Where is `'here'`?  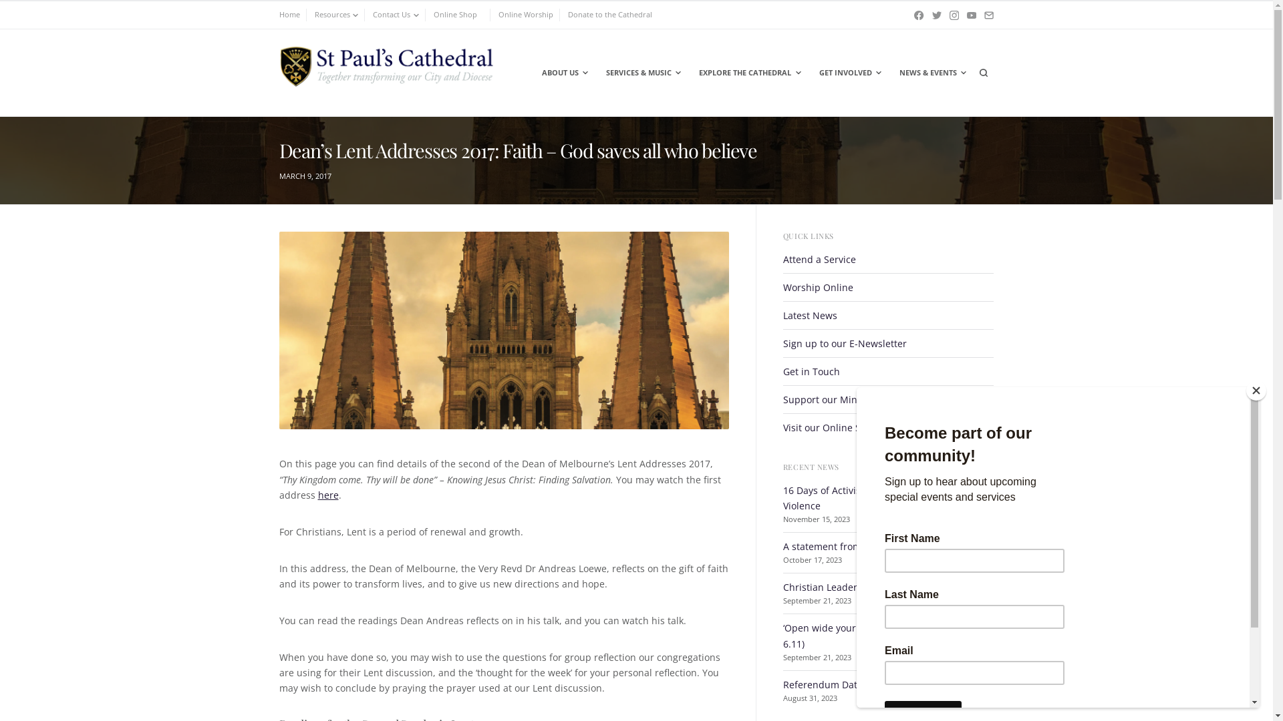
'here' is located at coordinates (328, 495).